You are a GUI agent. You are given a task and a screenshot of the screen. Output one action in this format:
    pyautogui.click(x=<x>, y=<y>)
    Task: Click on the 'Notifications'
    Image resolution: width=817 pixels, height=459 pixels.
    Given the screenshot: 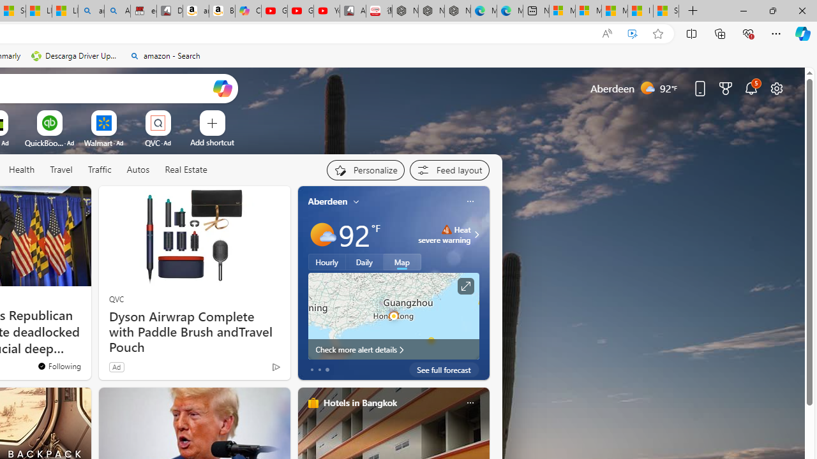 What is the action you would take?
    pyautogui.click(x=751, y=87)
    